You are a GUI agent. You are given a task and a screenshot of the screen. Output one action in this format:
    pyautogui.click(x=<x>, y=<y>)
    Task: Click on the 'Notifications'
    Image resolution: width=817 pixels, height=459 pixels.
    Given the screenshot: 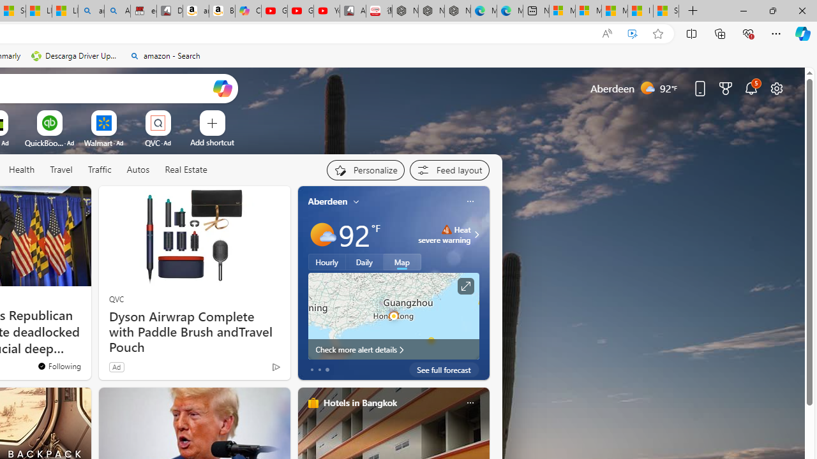 What is the action you would take?
    pyautogui.click(x=751, y=87)
    